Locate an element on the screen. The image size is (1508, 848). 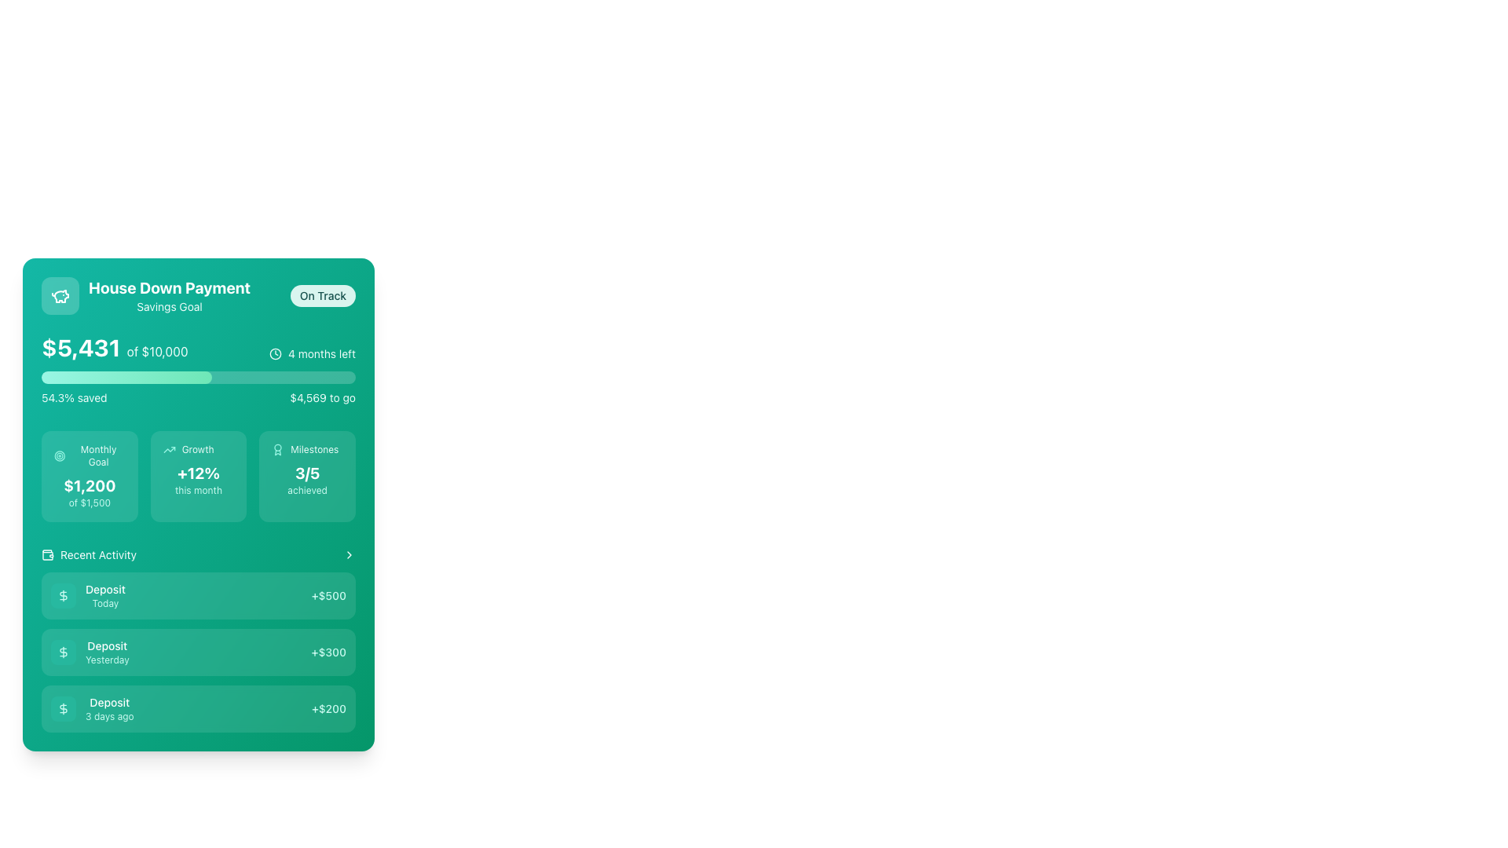
the text label displaying the current saved amount towards a financial goal, which shows the progress '$5,431 of $10,000' is located at coordinates (80, 346).